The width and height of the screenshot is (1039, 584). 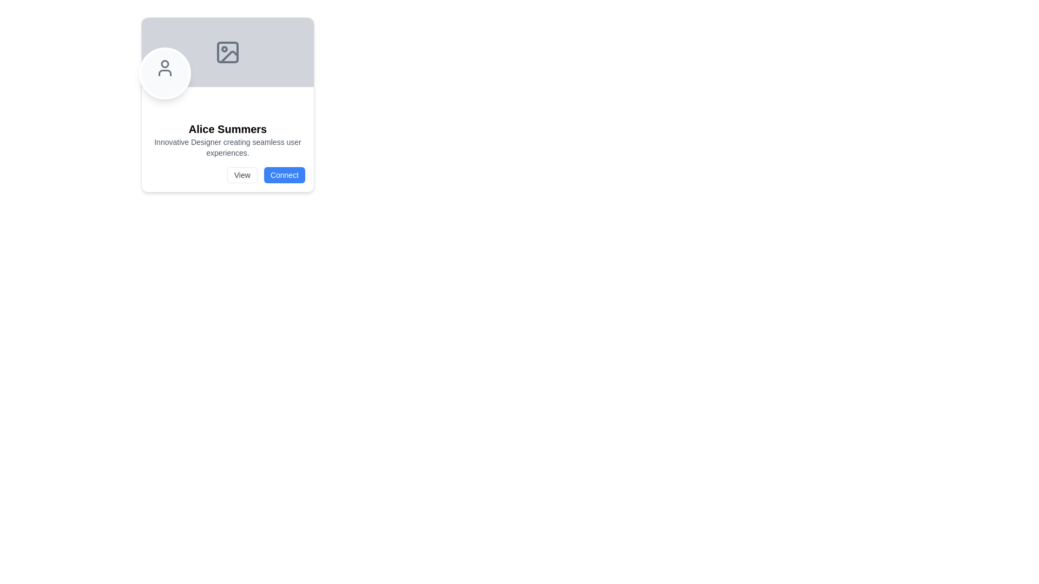 What do you see at coordinates (241, 175) in the screenshot?
I see `the 'View' button located to the left of the 'Connect' button in the bottom-right corner of the user card` at bounding box center [241, 175].